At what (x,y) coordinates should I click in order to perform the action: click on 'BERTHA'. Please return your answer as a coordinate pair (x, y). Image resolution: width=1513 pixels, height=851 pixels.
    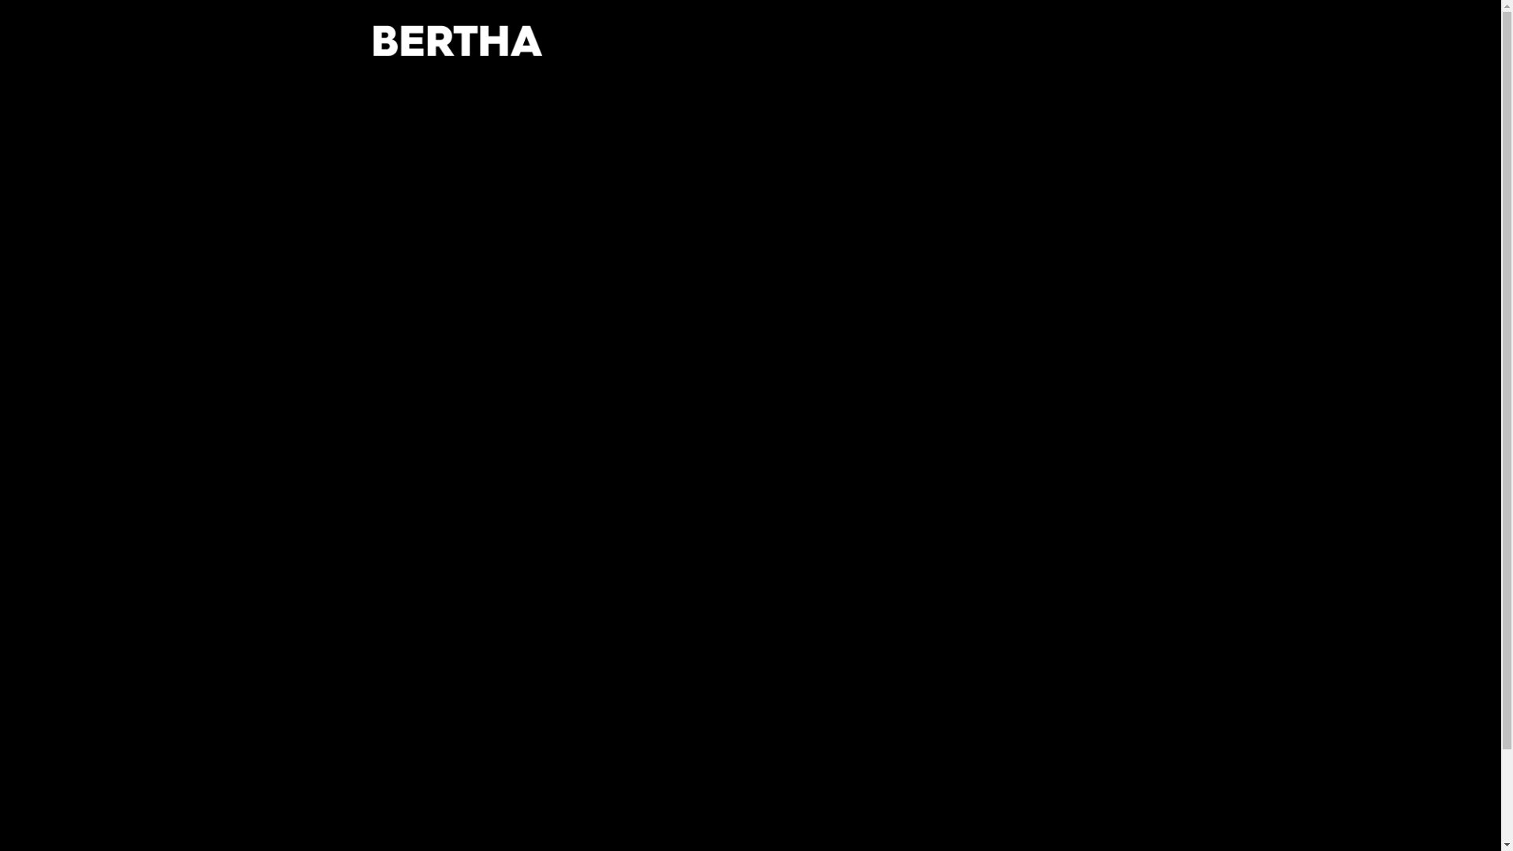
    Looking at the image, I should click on (456, 63).